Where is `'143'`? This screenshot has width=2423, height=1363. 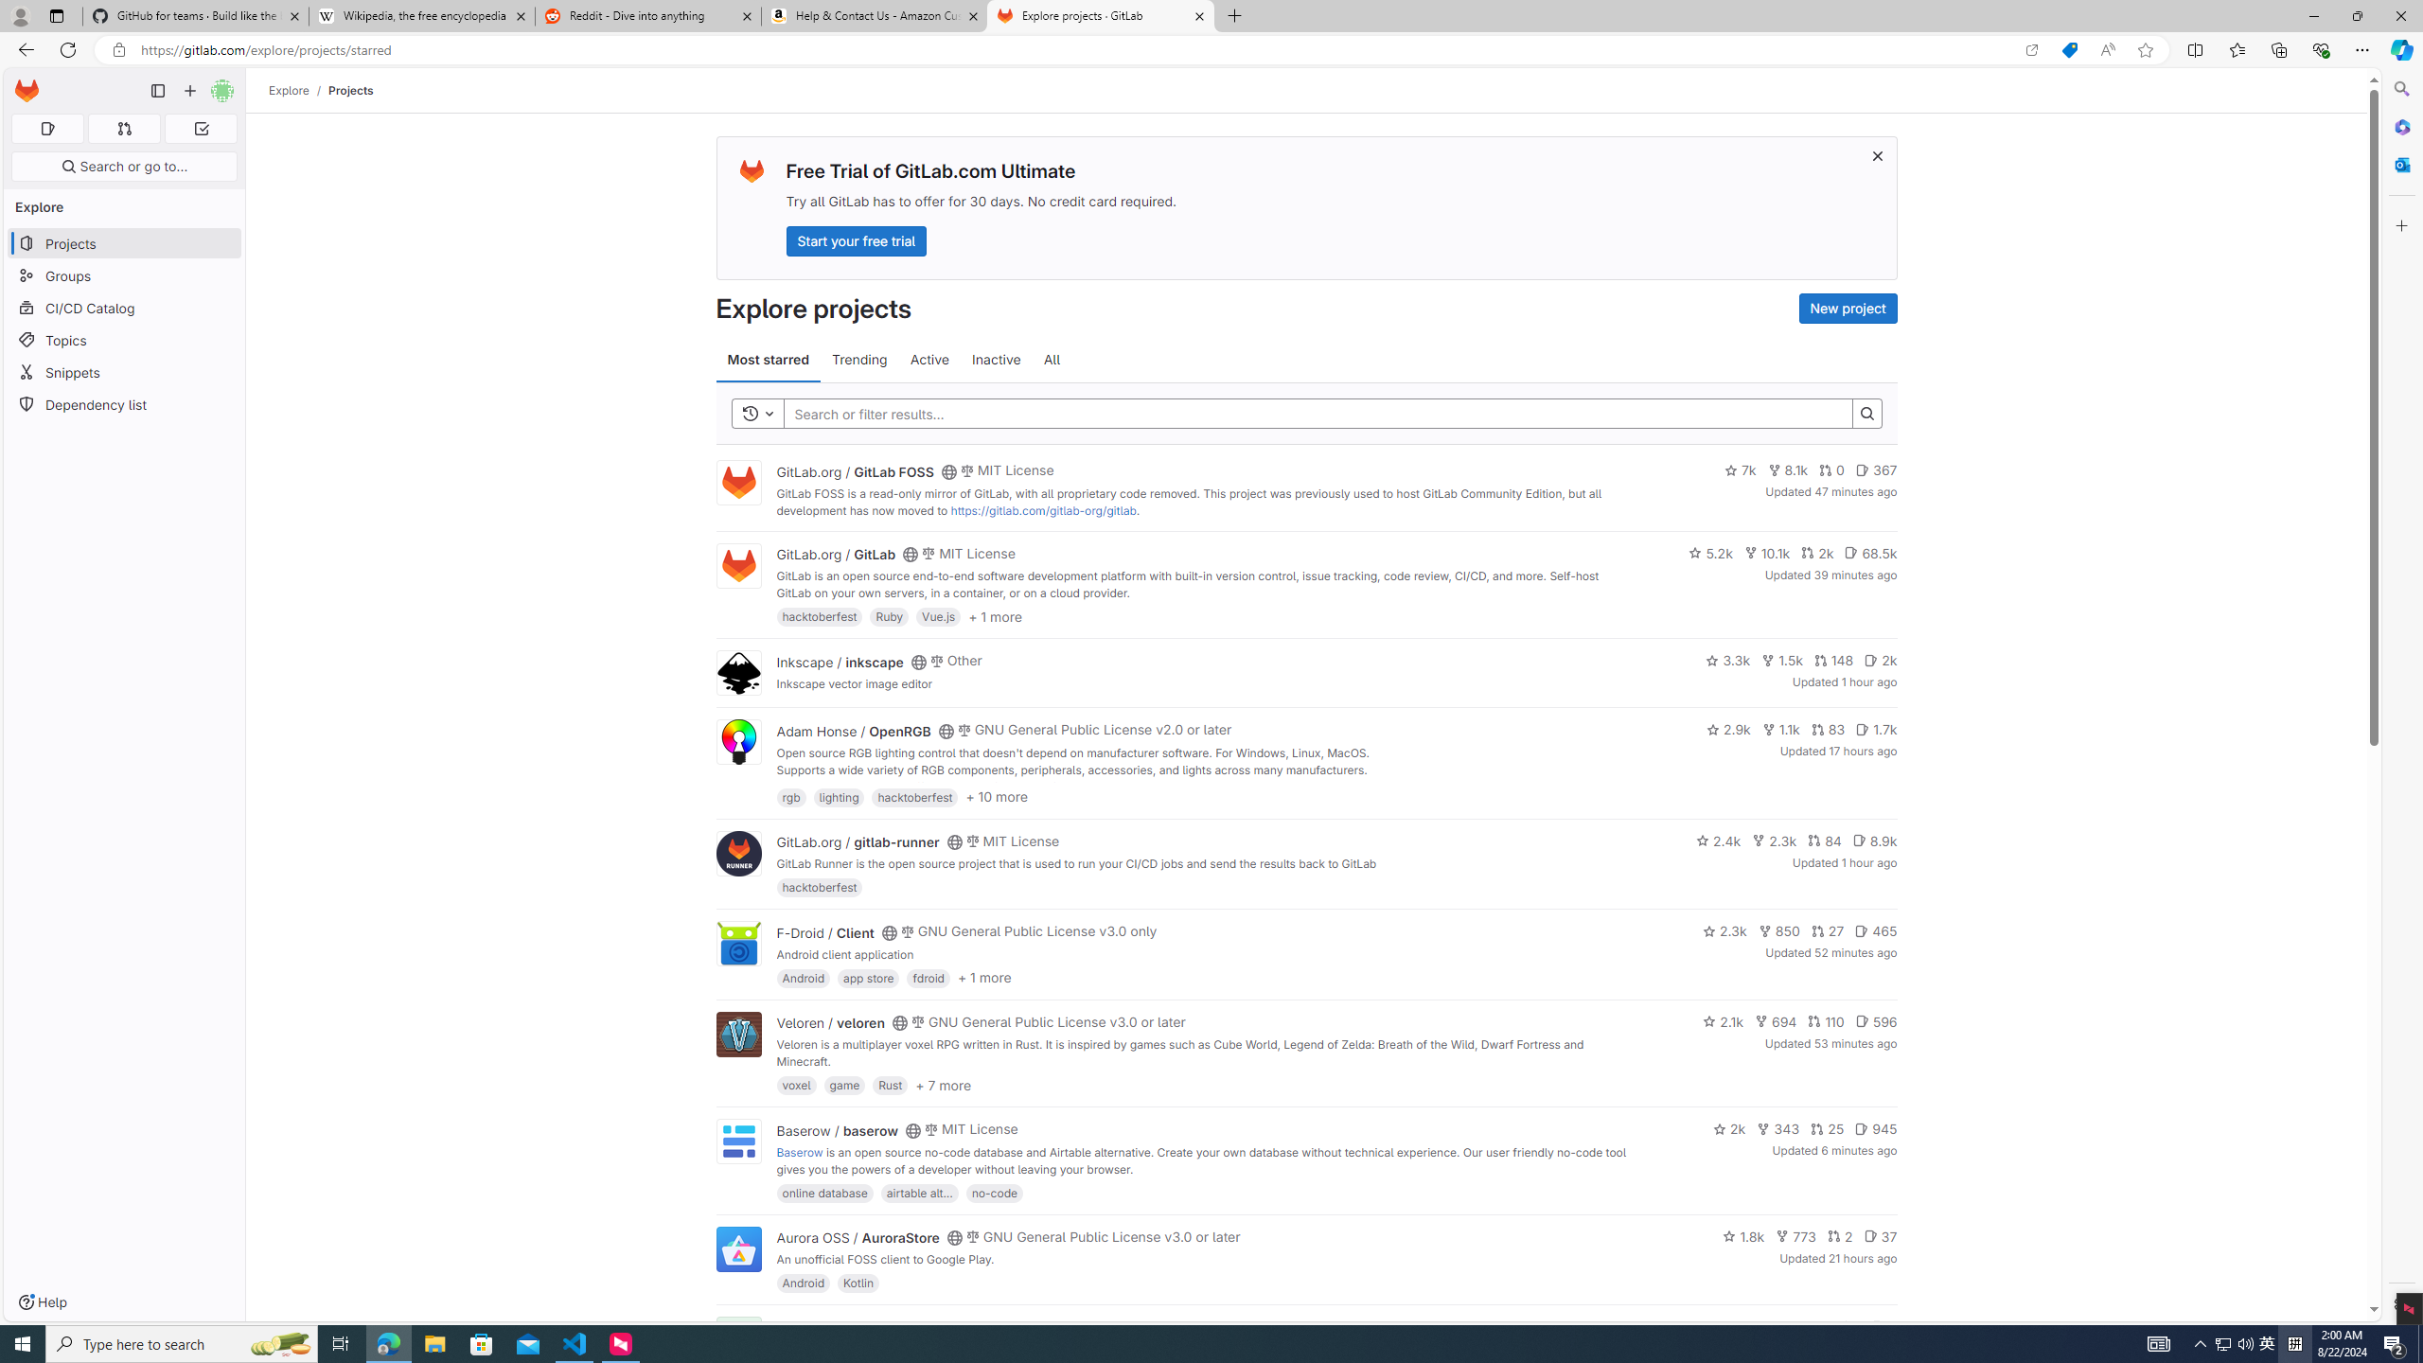
'143' is located at coordinates (1806, 1326).